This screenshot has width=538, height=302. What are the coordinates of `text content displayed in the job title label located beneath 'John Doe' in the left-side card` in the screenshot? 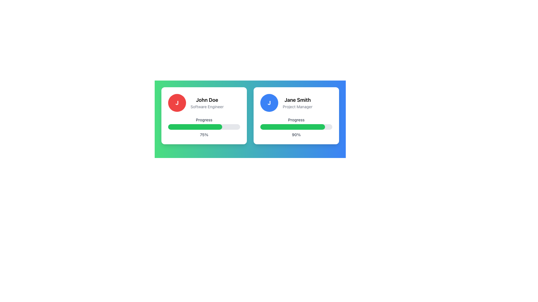 It's located at (207, 107).